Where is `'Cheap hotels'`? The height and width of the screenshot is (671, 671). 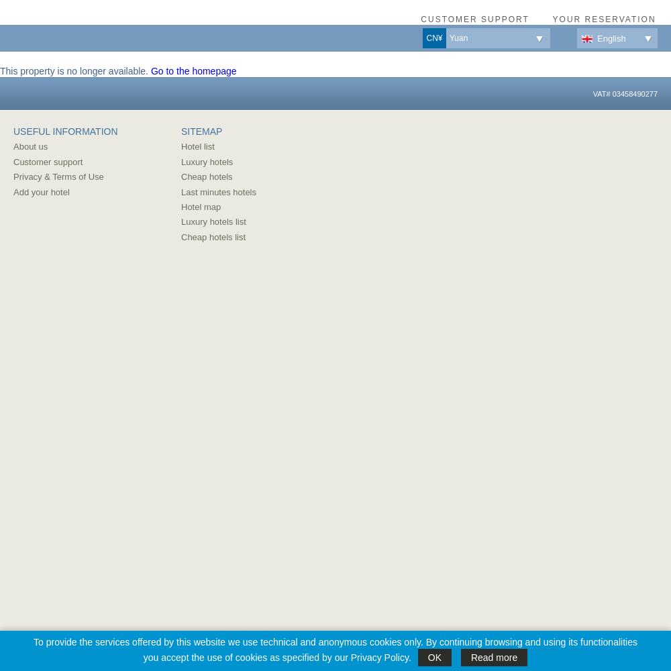
'Cheap hotels' is located at coordinates (207, 176).